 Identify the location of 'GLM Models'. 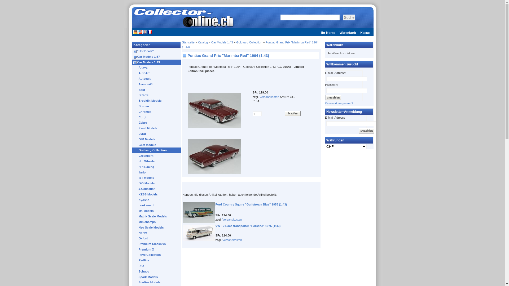
(157, 145).